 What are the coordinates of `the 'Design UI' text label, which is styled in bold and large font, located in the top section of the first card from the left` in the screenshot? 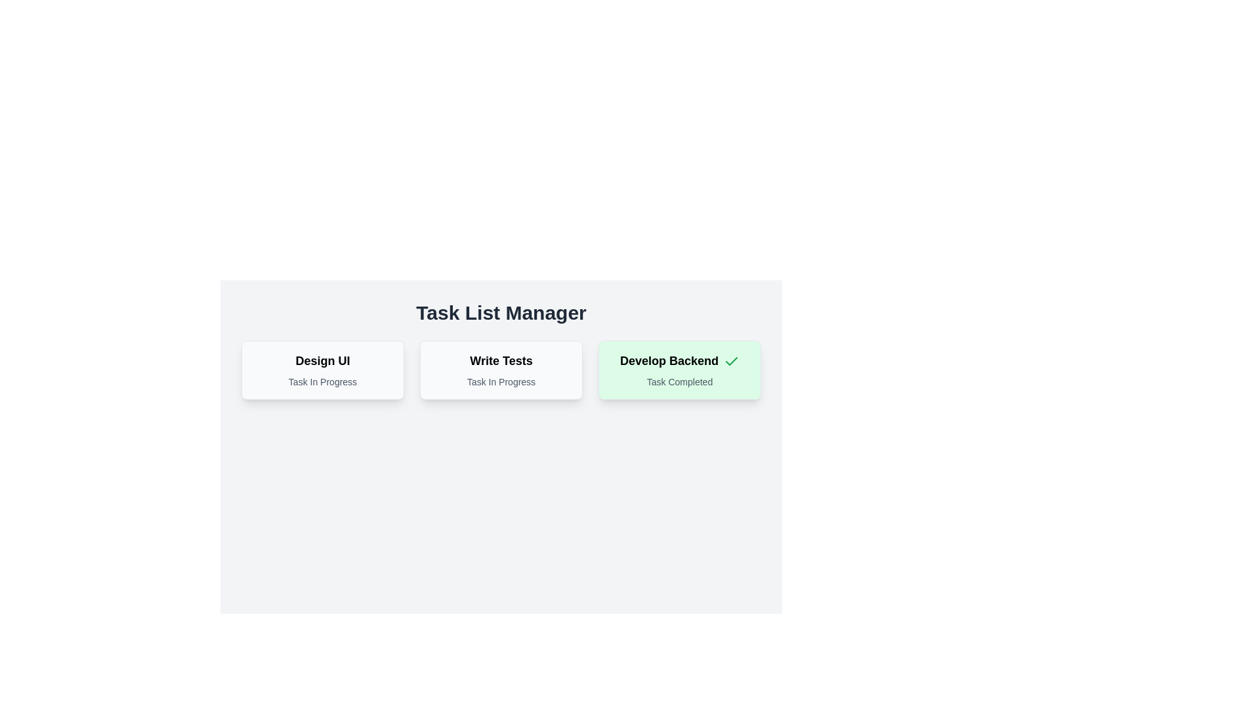 It's located at (322, 361).